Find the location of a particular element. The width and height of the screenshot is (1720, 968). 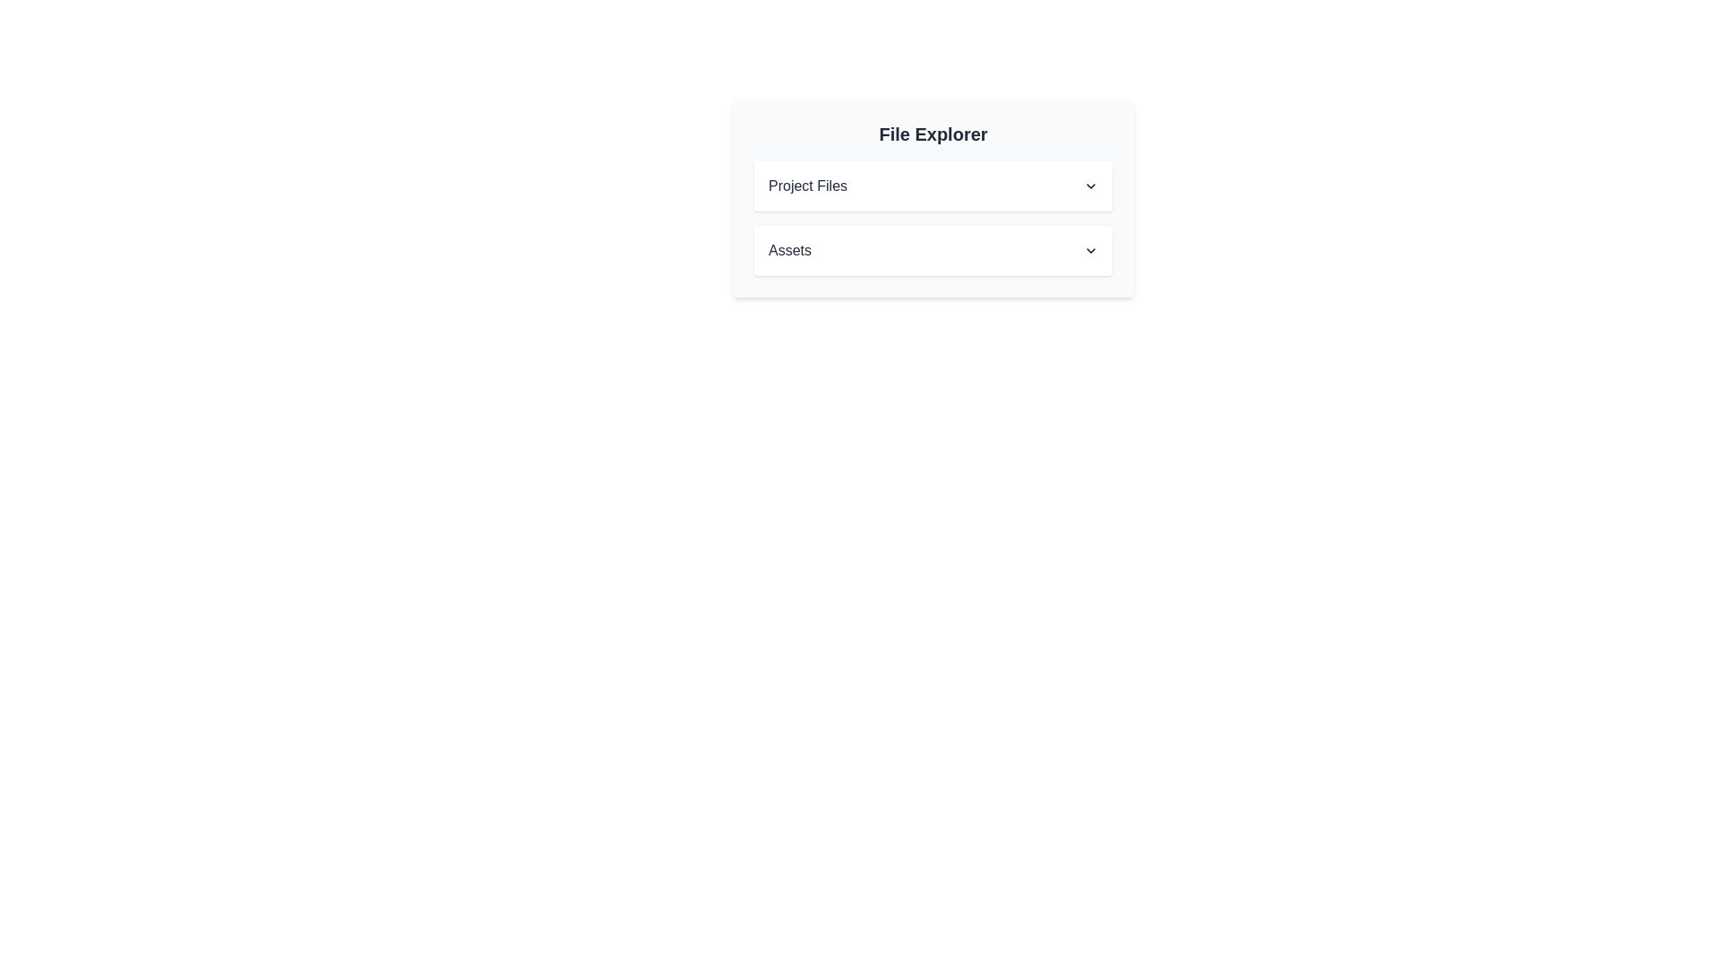

the Dropdown toggle icon, which is a downward-pointing chevron located to the far right of the 'Project Files' text is located at coordinates (1090, 186).